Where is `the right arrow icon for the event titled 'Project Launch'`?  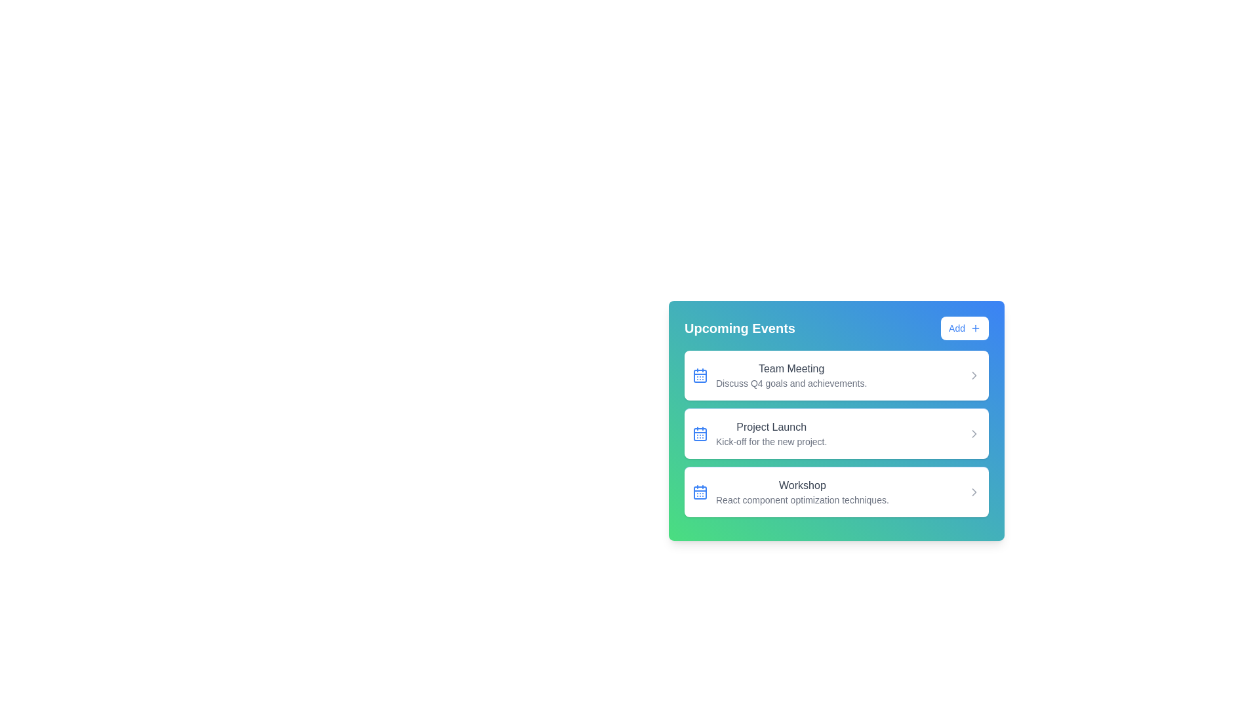 the right arrow icon for the event titled 'Project Launch' is located at coordinates (974, 434).